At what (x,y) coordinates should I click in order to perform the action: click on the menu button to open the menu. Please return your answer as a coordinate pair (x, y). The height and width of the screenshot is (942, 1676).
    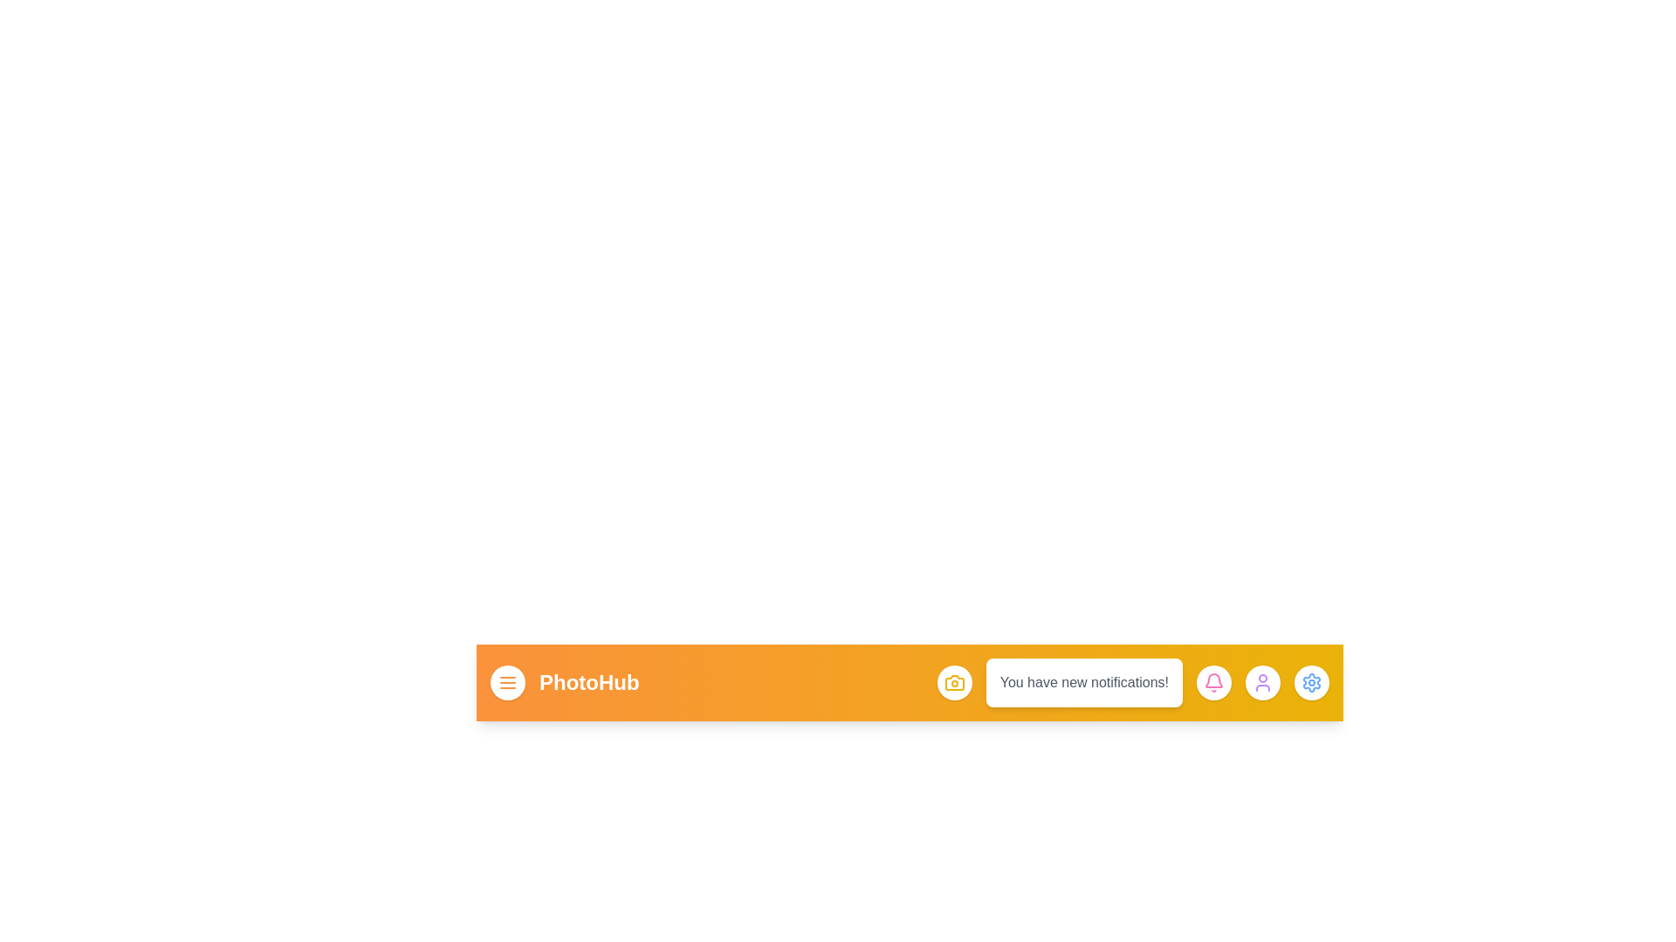
    Looking at the image, I should click on (506, 682).